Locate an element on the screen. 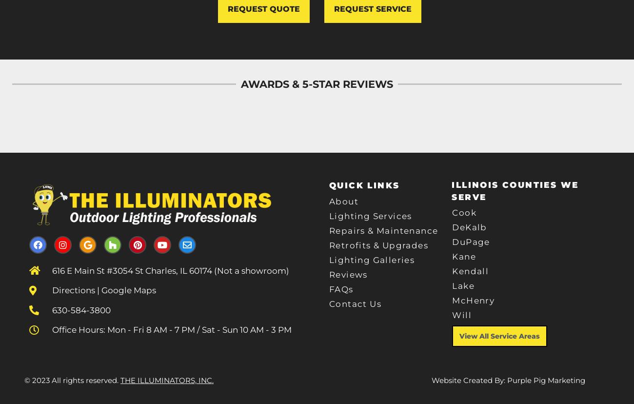 This screenshot has width=634, height=404. 'View All Service Areas' is located at coordinates (499, 335).